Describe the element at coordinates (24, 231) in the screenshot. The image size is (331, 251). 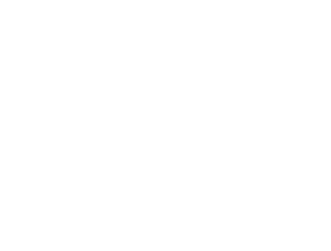
I see `'Feel Alive'` at that location.